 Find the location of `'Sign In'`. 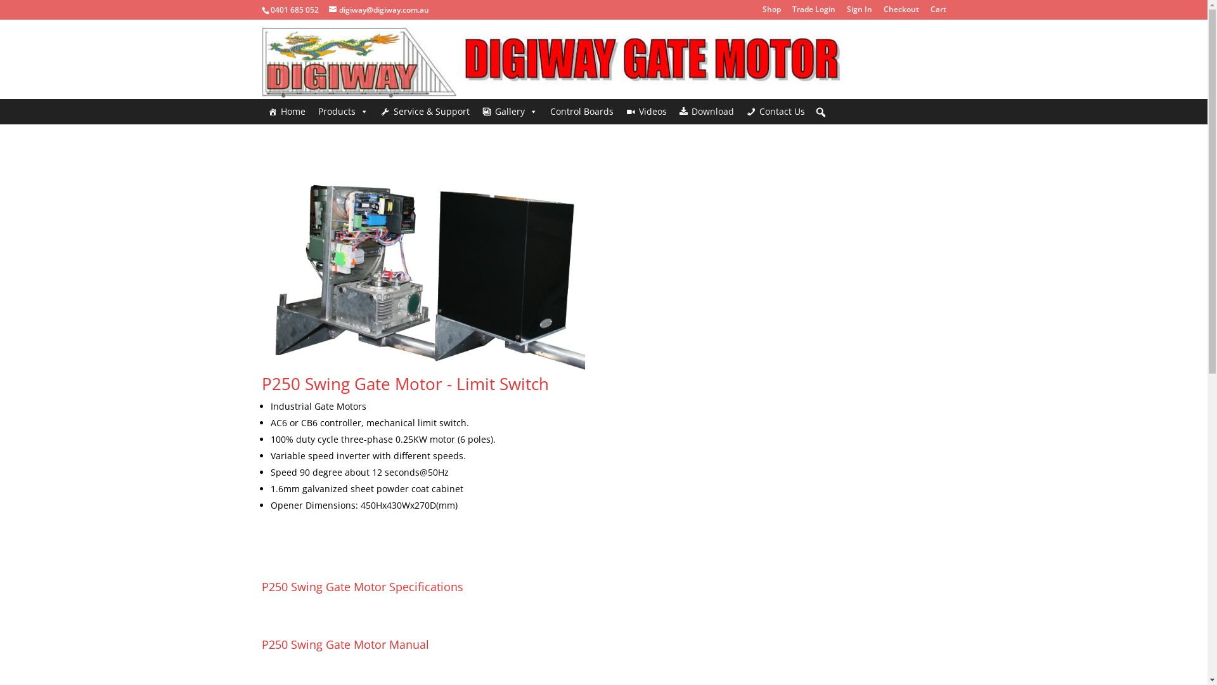

'Sign In' is located at coordinates (860, 12).